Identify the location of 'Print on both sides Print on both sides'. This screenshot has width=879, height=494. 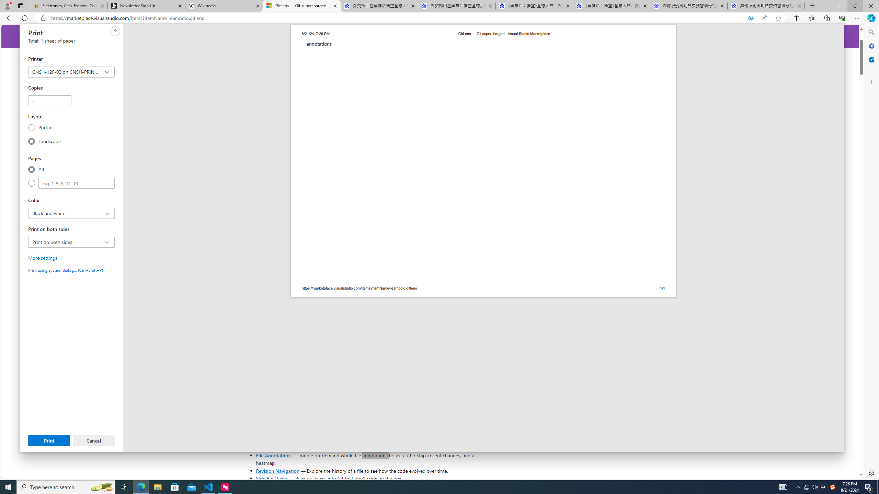
(71, 242).